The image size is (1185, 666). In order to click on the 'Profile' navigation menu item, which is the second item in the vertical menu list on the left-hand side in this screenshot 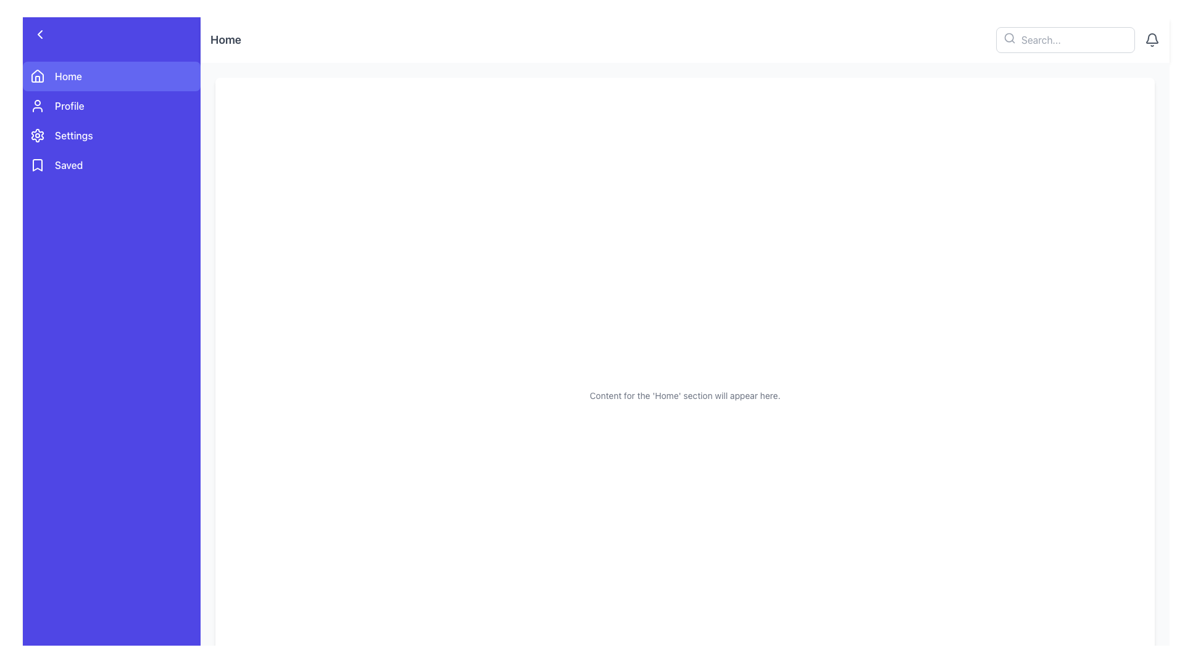, I will do `click(112, 105)`.